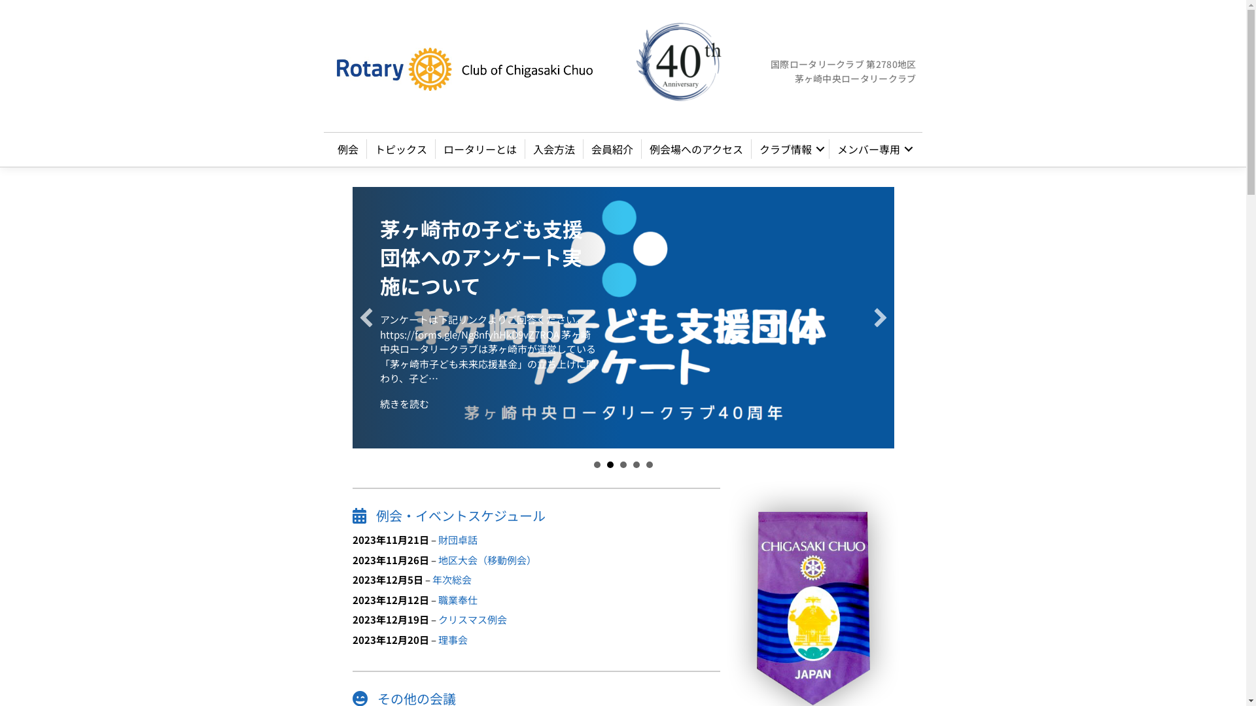 The height and width of the screenshot is (706, 1256). Describe the element at coordinates (623, 463) in the screenshot. I see `'3'` at that location.